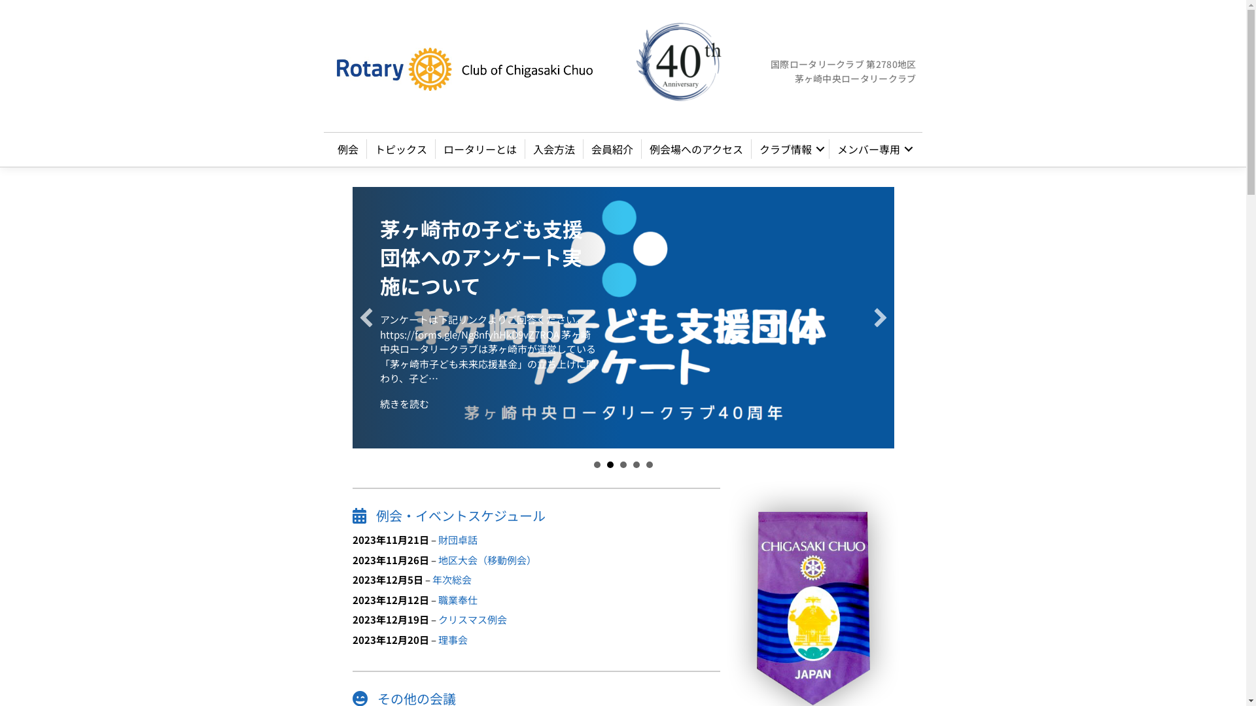 The height and width of the screenshot is (706, 1256). Describe the element at coordinates (623, 463) in the screenshot. I see `'3'` at that location.